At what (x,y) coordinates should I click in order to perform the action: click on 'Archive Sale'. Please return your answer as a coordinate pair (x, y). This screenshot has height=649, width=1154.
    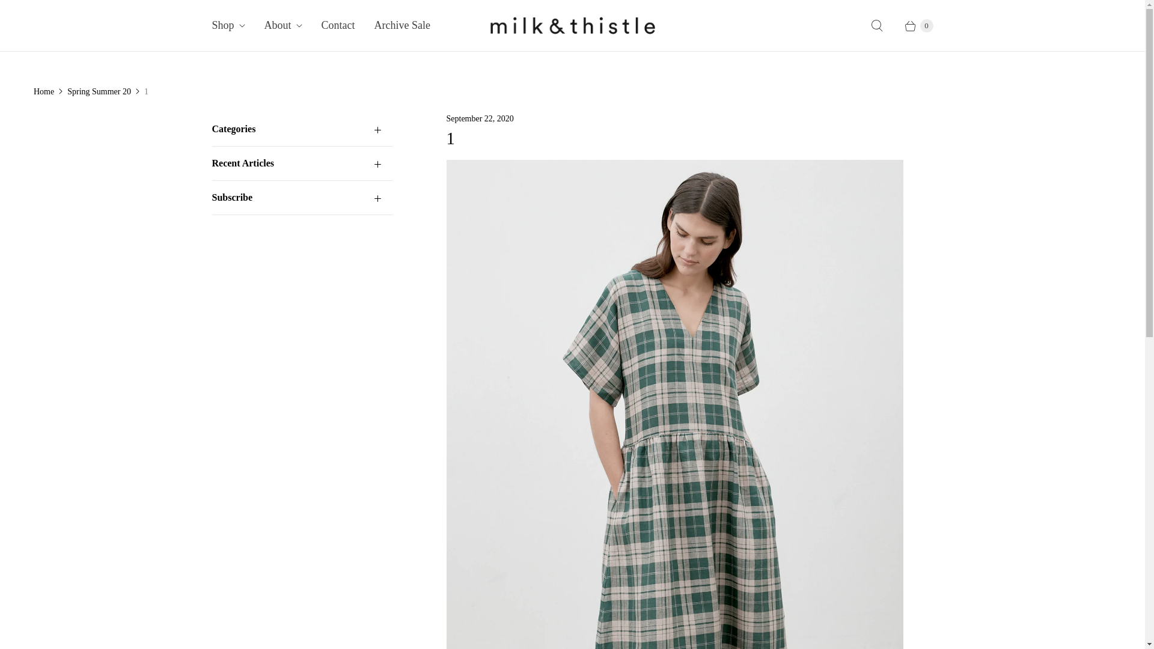
    Looking at the image, I should click on (402, 25).